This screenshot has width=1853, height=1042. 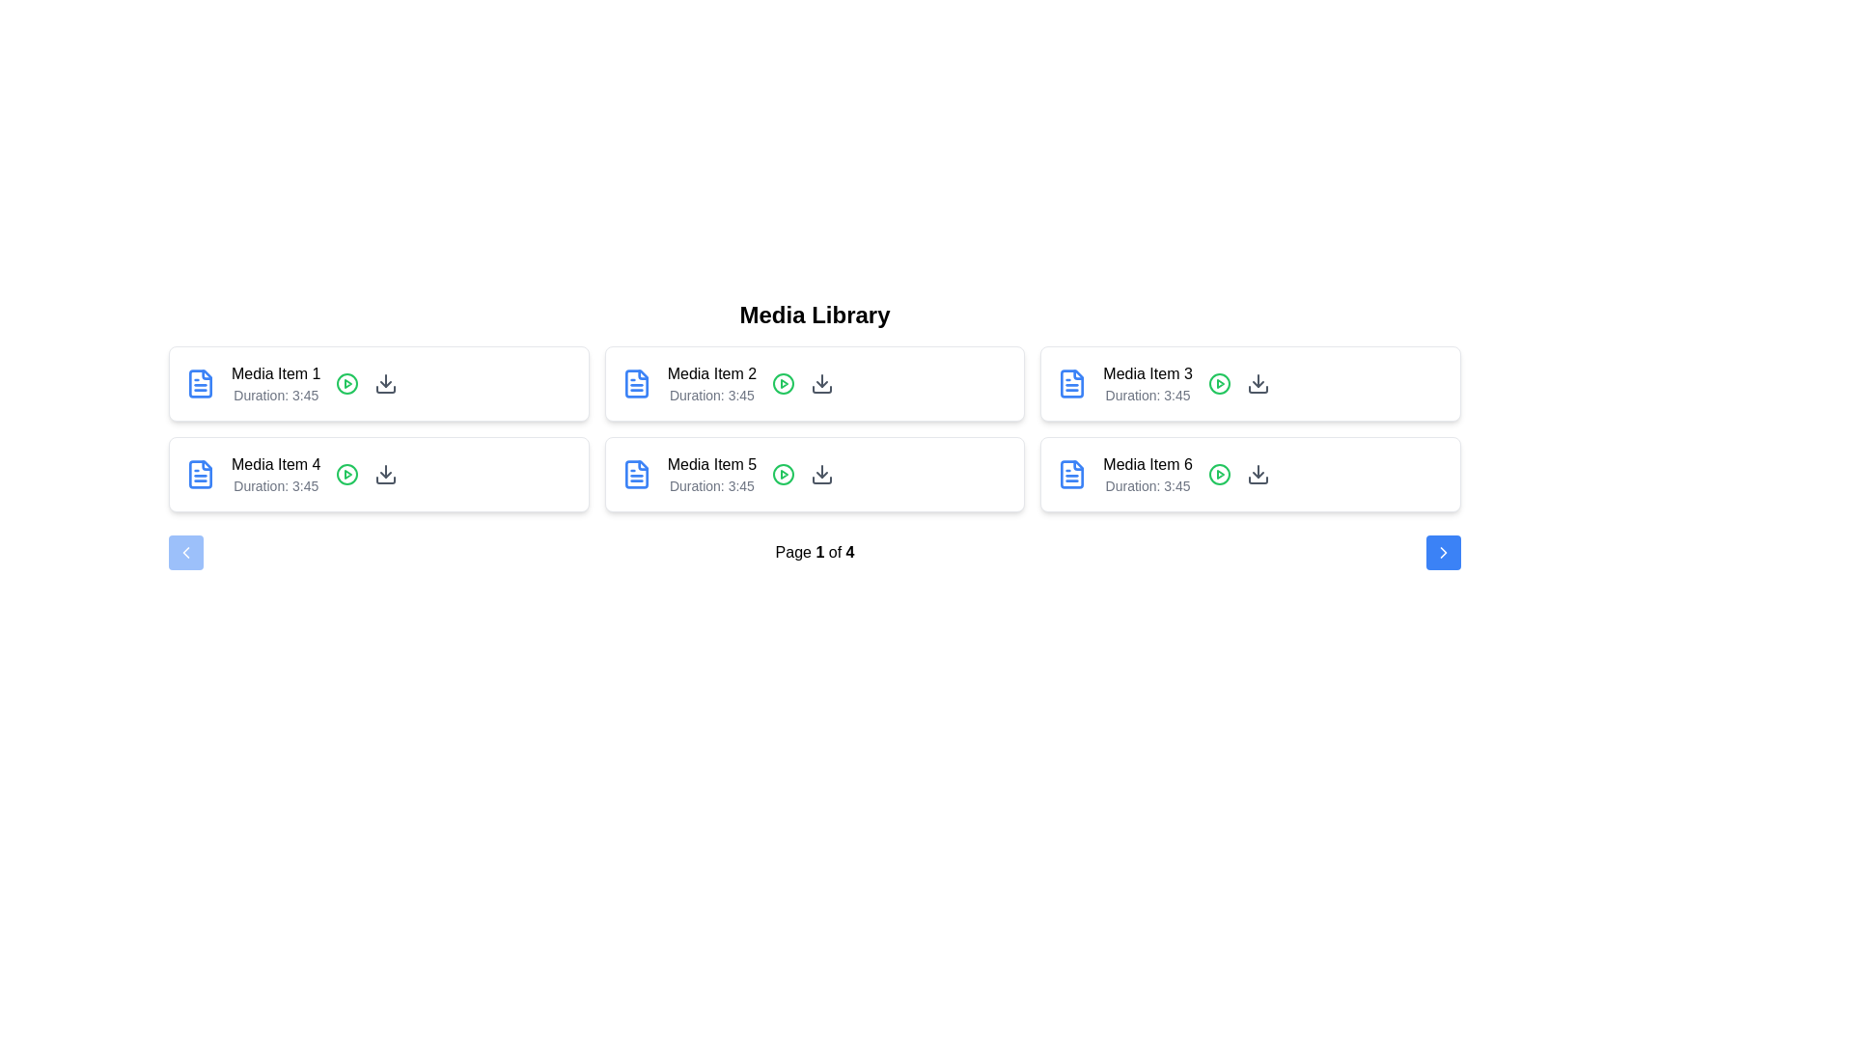 I want to click on the play button on the Media card located in the first row, second column of the grid layout, so click(x=815, y=383).